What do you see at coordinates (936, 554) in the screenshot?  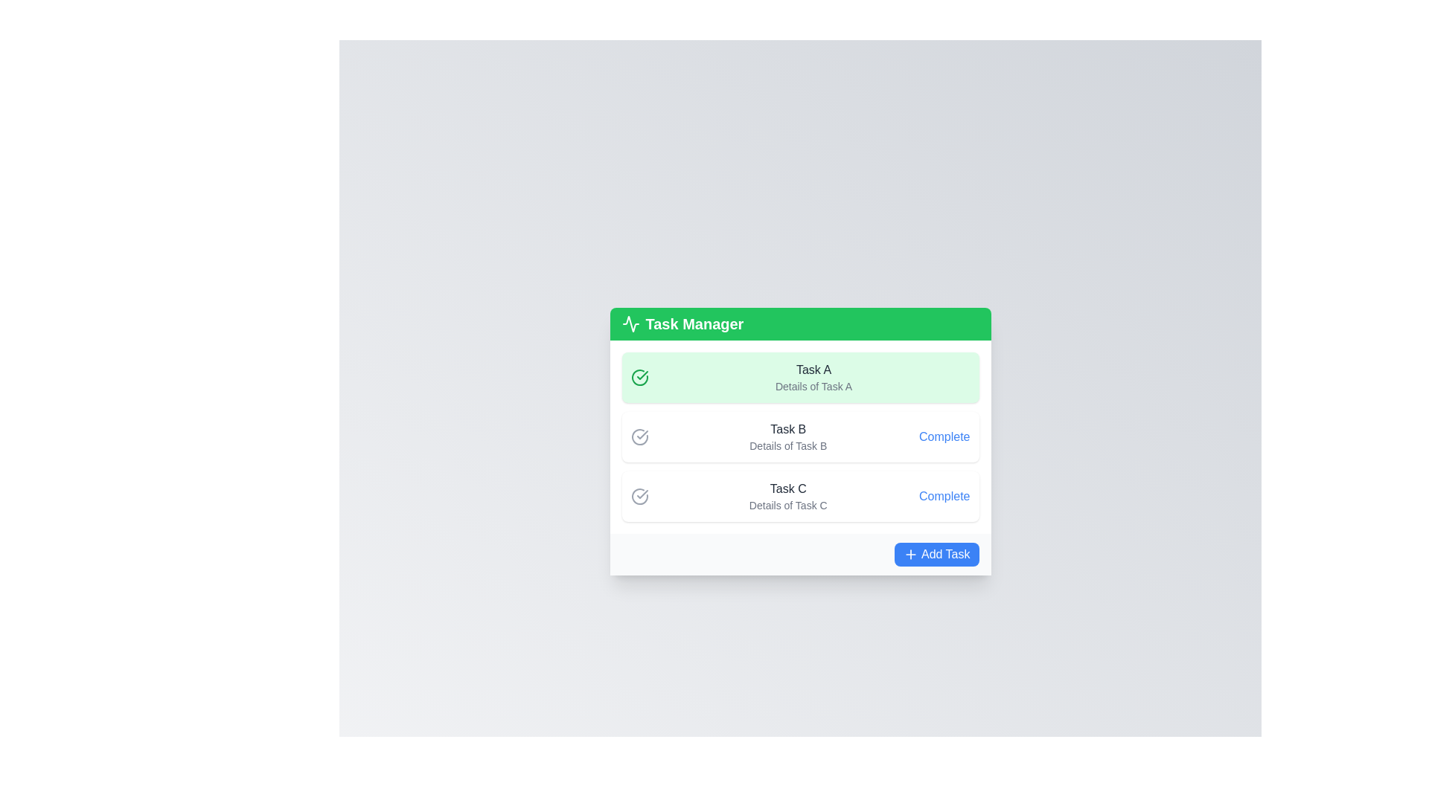 I see `the blue rectangular button labeled 'Add Task' with a plus icon, located in the bottom-right corner of the white card interface` at bounding box center [936, 554].